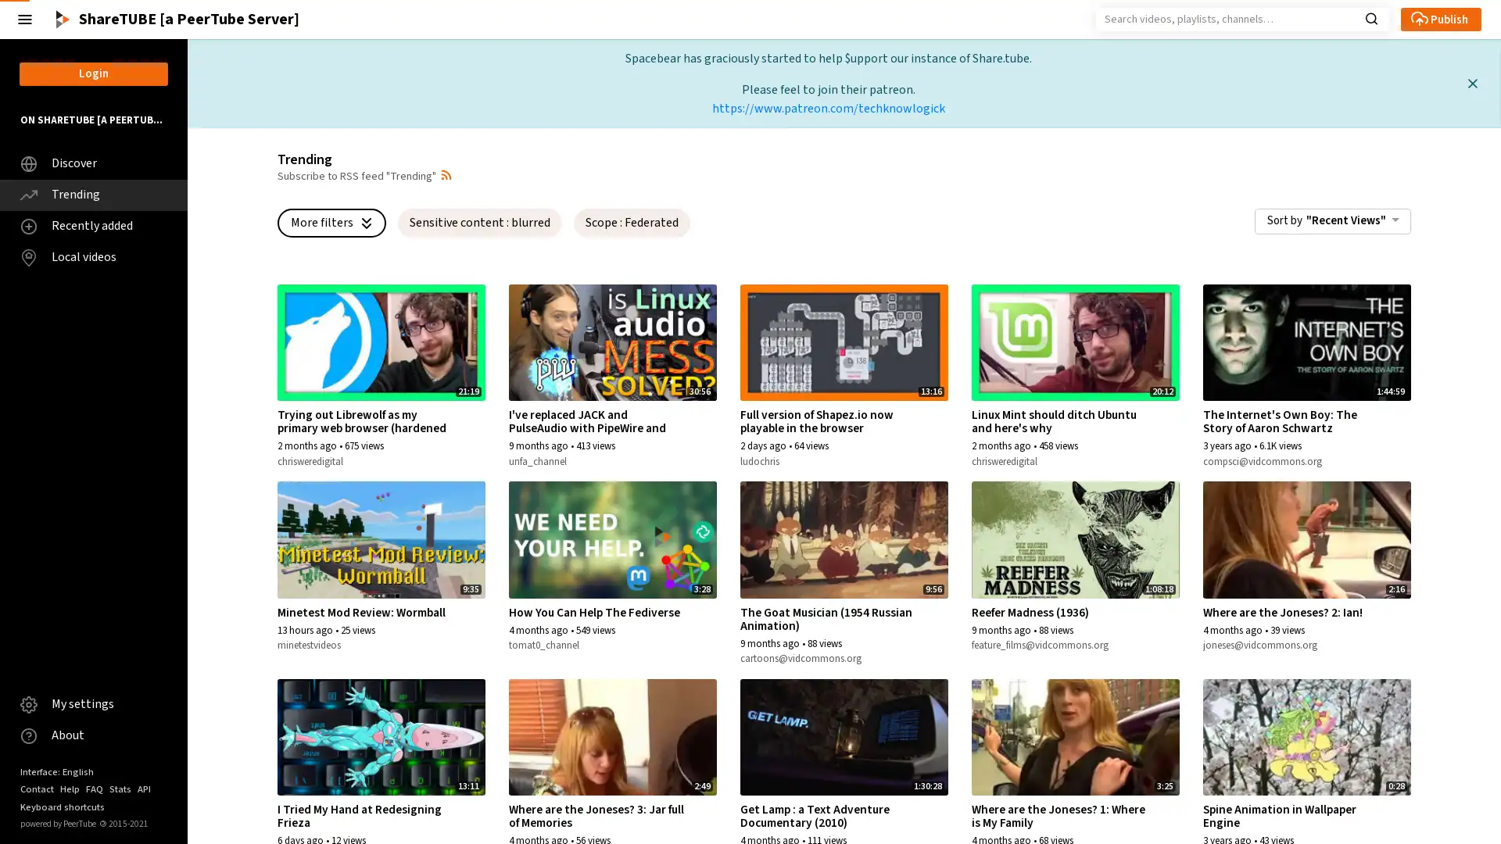 This screenshot has width=1501, height=844. Describe the element at coordinates (56, 771) in the screenshot. I see `Interface: English` at that location.